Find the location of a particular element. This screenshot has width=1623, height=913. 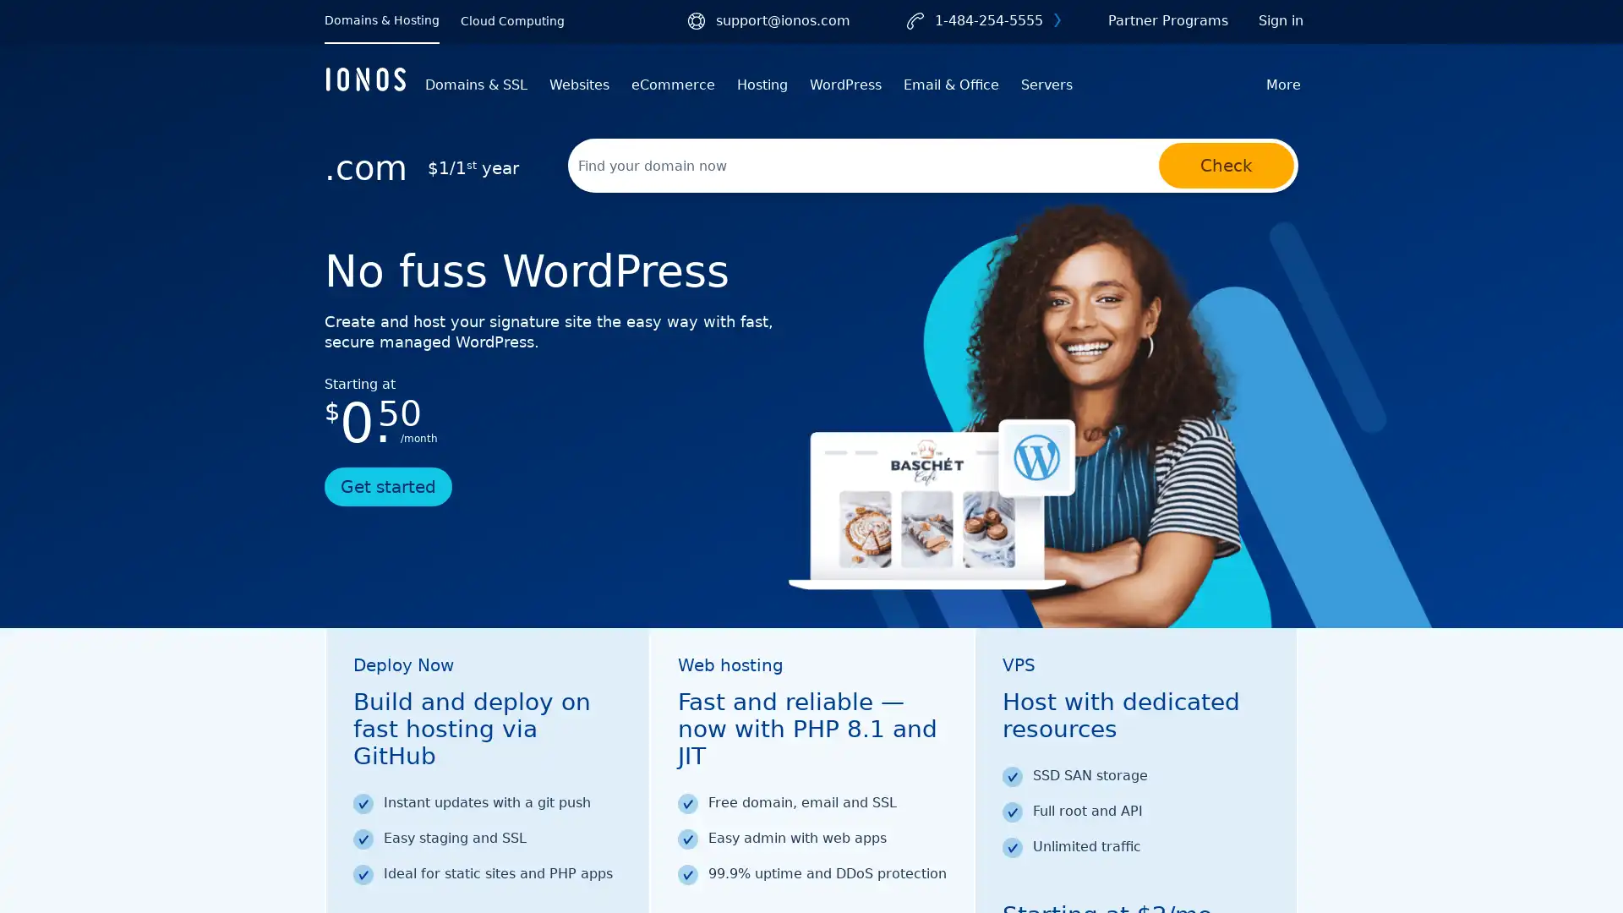

Domains & SSL is located at coordinates (473, 85).